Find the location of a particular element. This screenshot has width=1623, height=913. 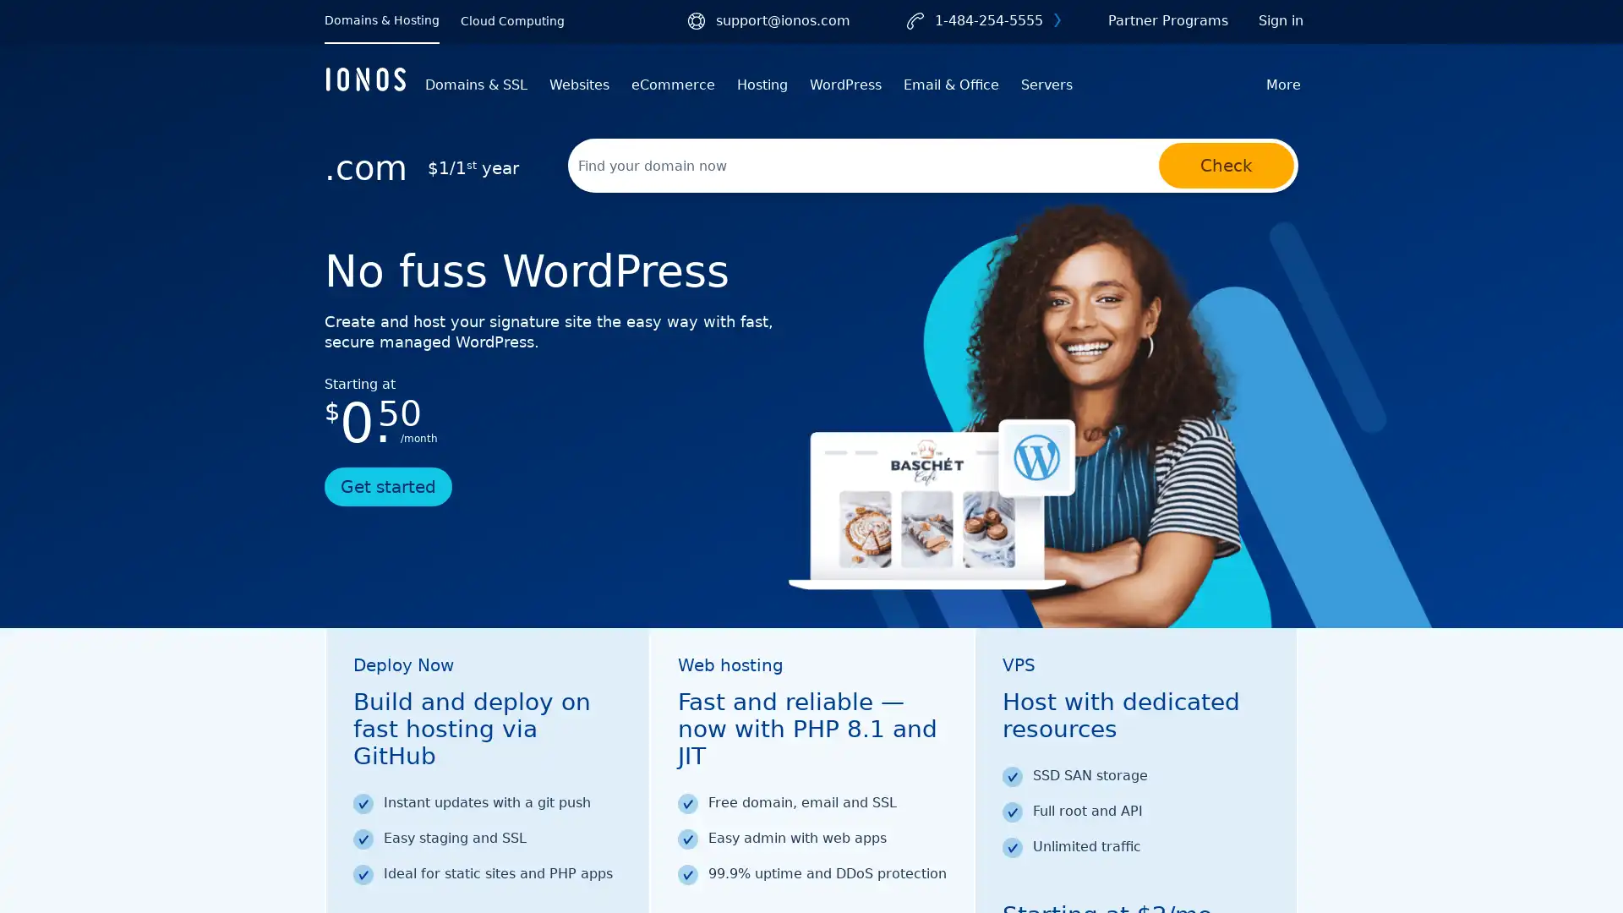

Domains & SSL is located at coordinates (473, 85).